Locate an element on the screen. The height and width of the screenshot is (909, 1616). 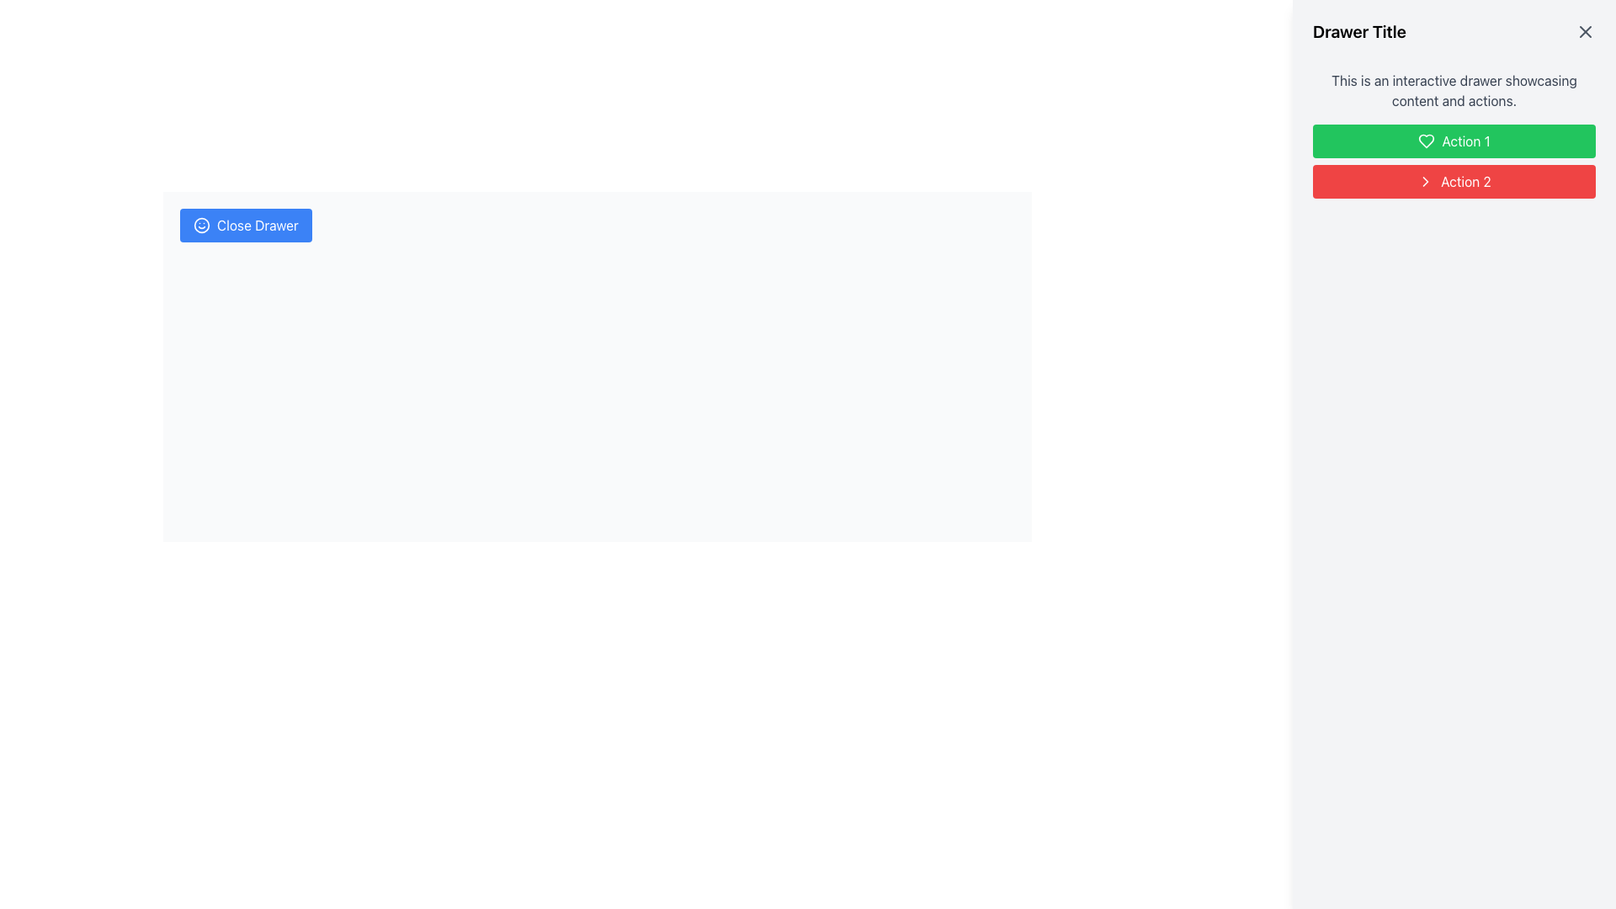
the 'Action 1' button located in the sidebar beneath the 'Drawer Title' is located at coordinates (1454, 162).